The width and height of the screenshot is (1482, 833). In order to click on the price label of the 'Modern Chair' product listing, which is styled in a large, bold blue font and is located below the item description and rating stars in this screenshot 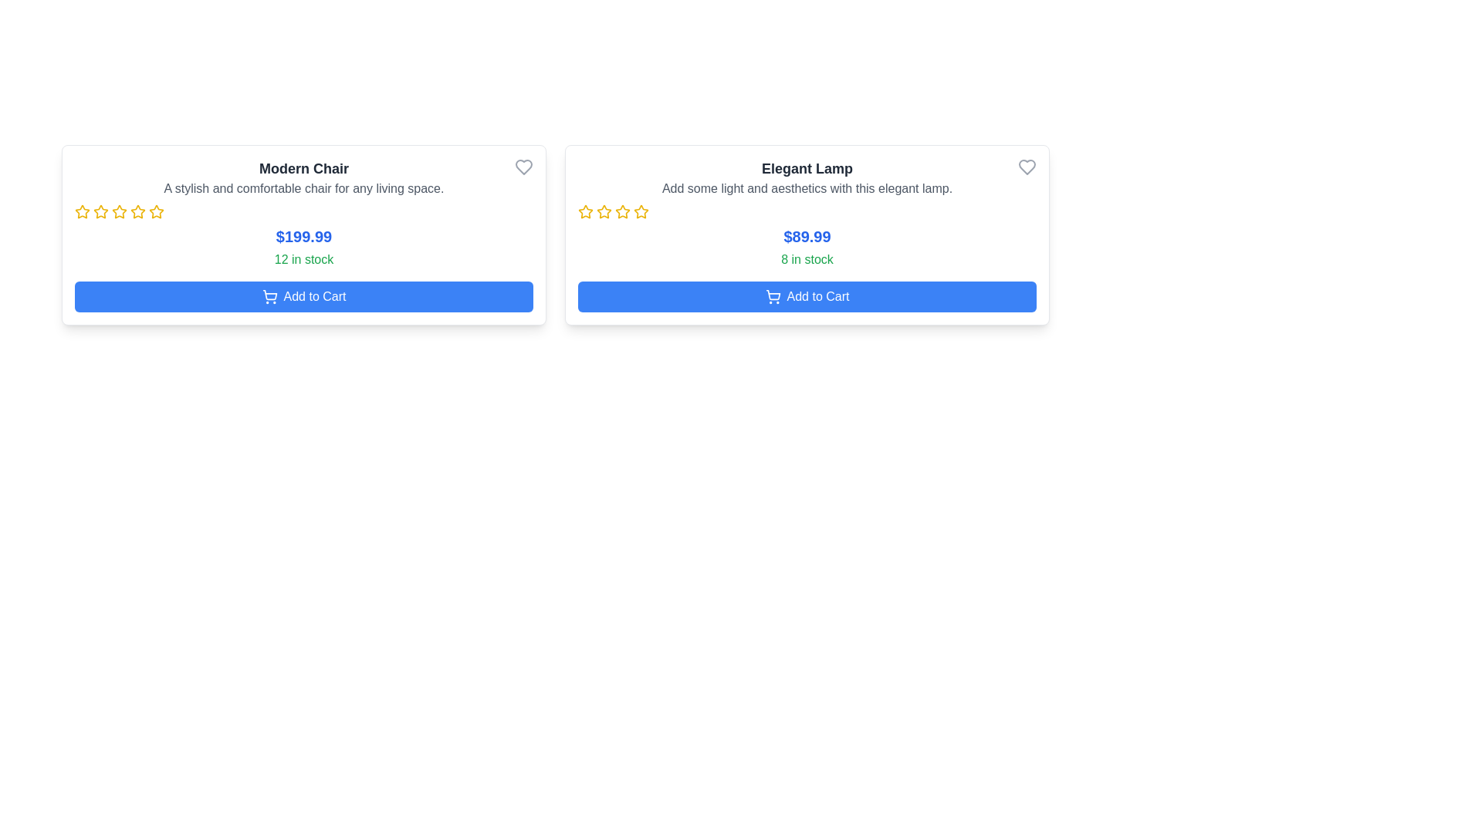, I will do `click(303, 237)`.